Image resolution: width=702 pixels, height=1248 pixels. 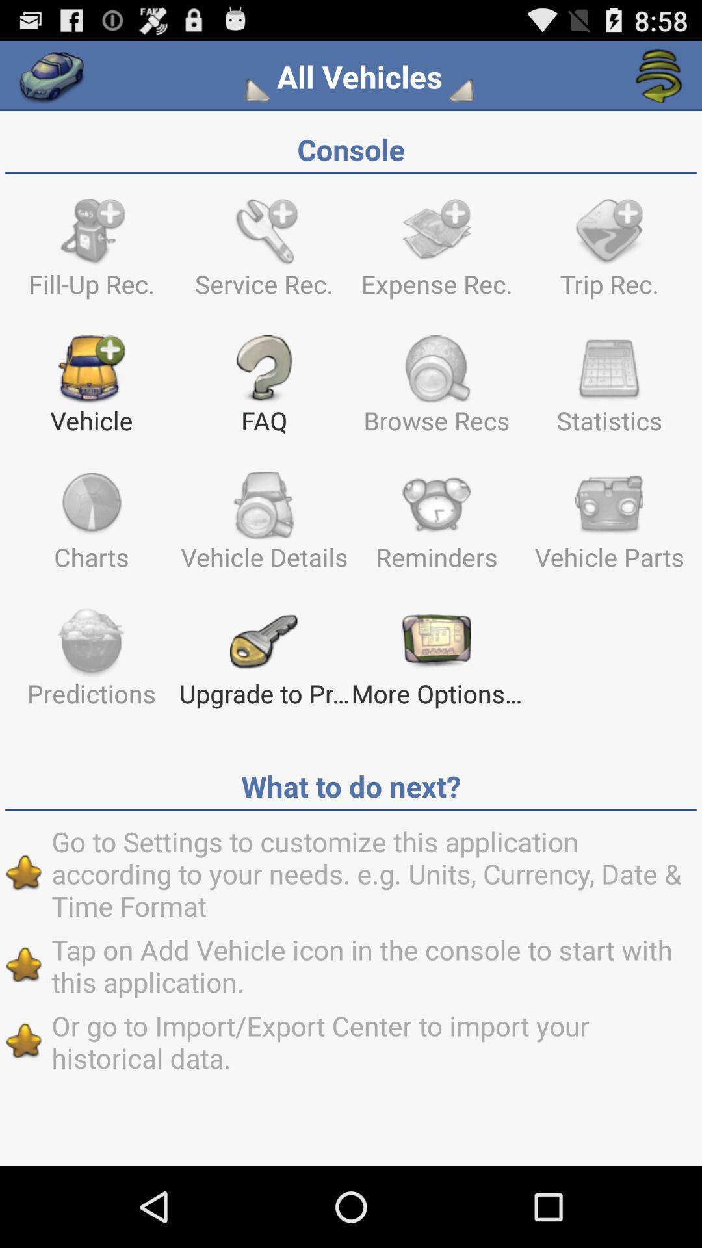 What do you see at coordinates (91, 389) in the screenshot?
I see `the vehicle image` at bounding box center [91, 389].